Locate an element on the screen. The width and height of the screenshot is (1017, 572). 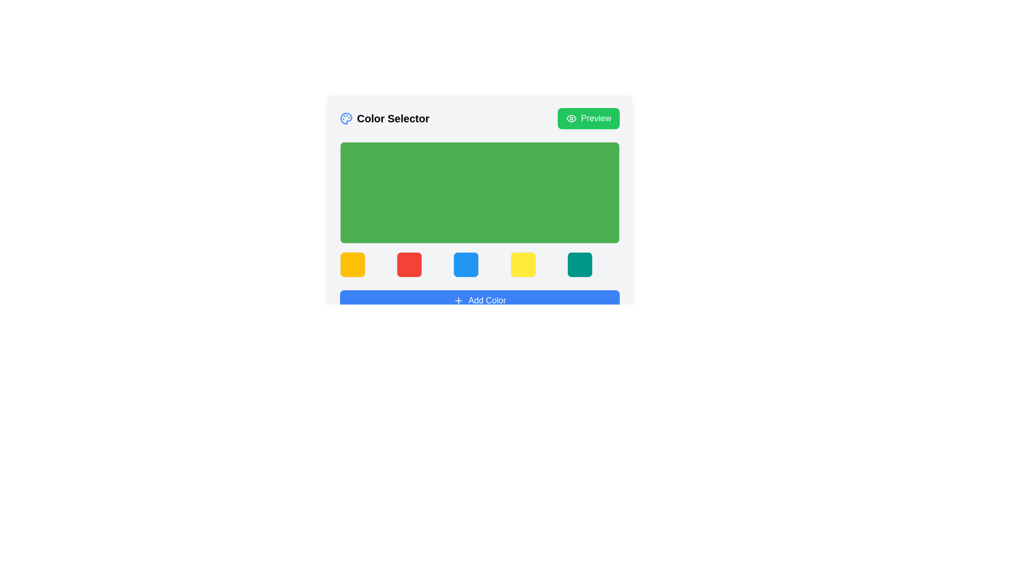
the visual effect of the eye icon located inside the green rectangular 'Preview' button, positioned to the left of the text 'Preview' is located at coordinates (571, 118).